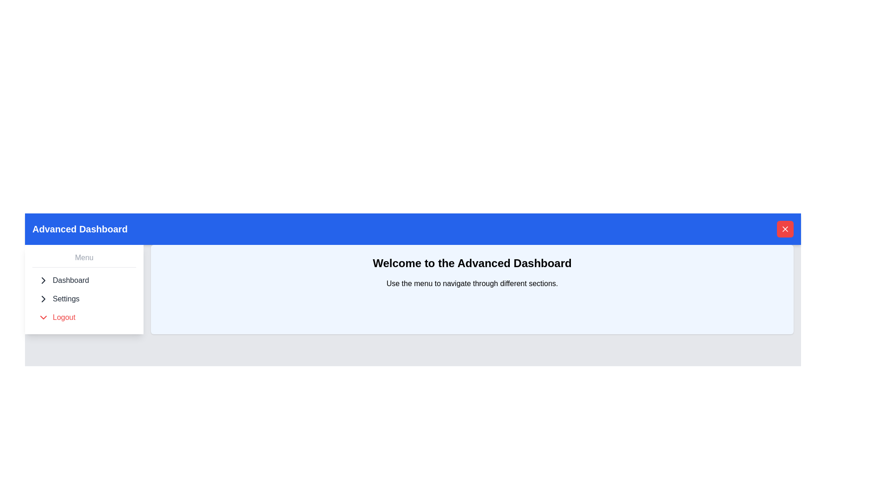 This screenshot has height=500, width=889. I want to click on the 'Logout' button located at the bottom of the left sidebar menu, directly below the 'Settings' option, so click(84, 317).